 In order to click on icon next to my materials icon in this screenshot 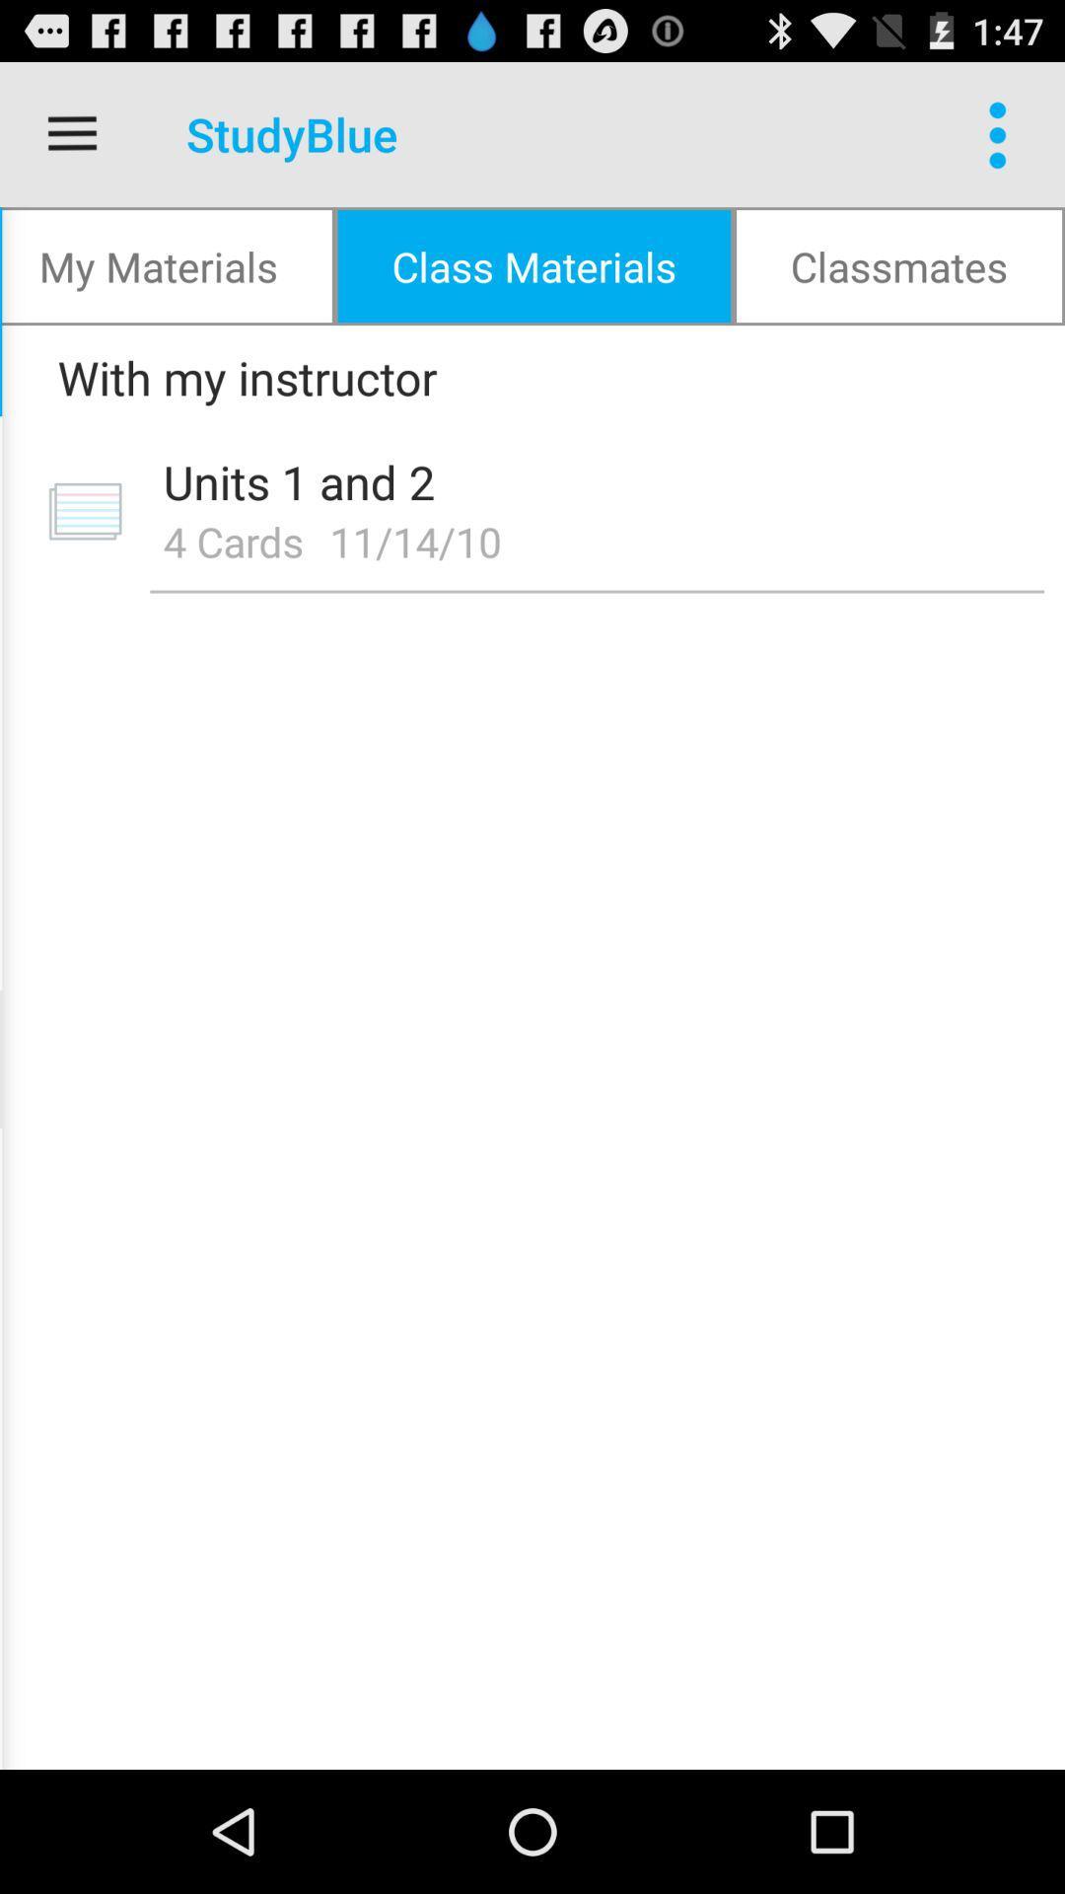, I will do `click(533, 264)`.